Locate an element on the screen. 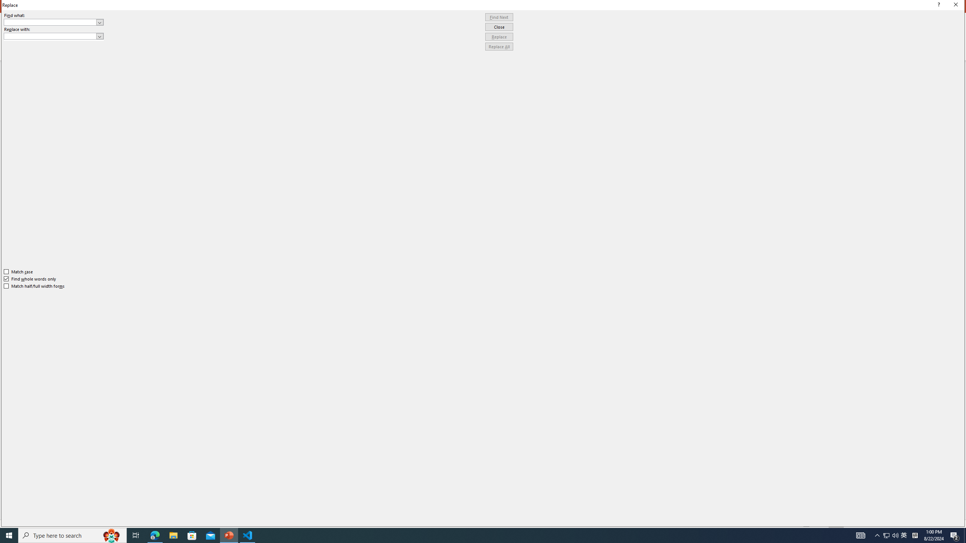 The width and height of the screenshot is (966, 543). 'Replace with' is located at coordinates (54, 36).